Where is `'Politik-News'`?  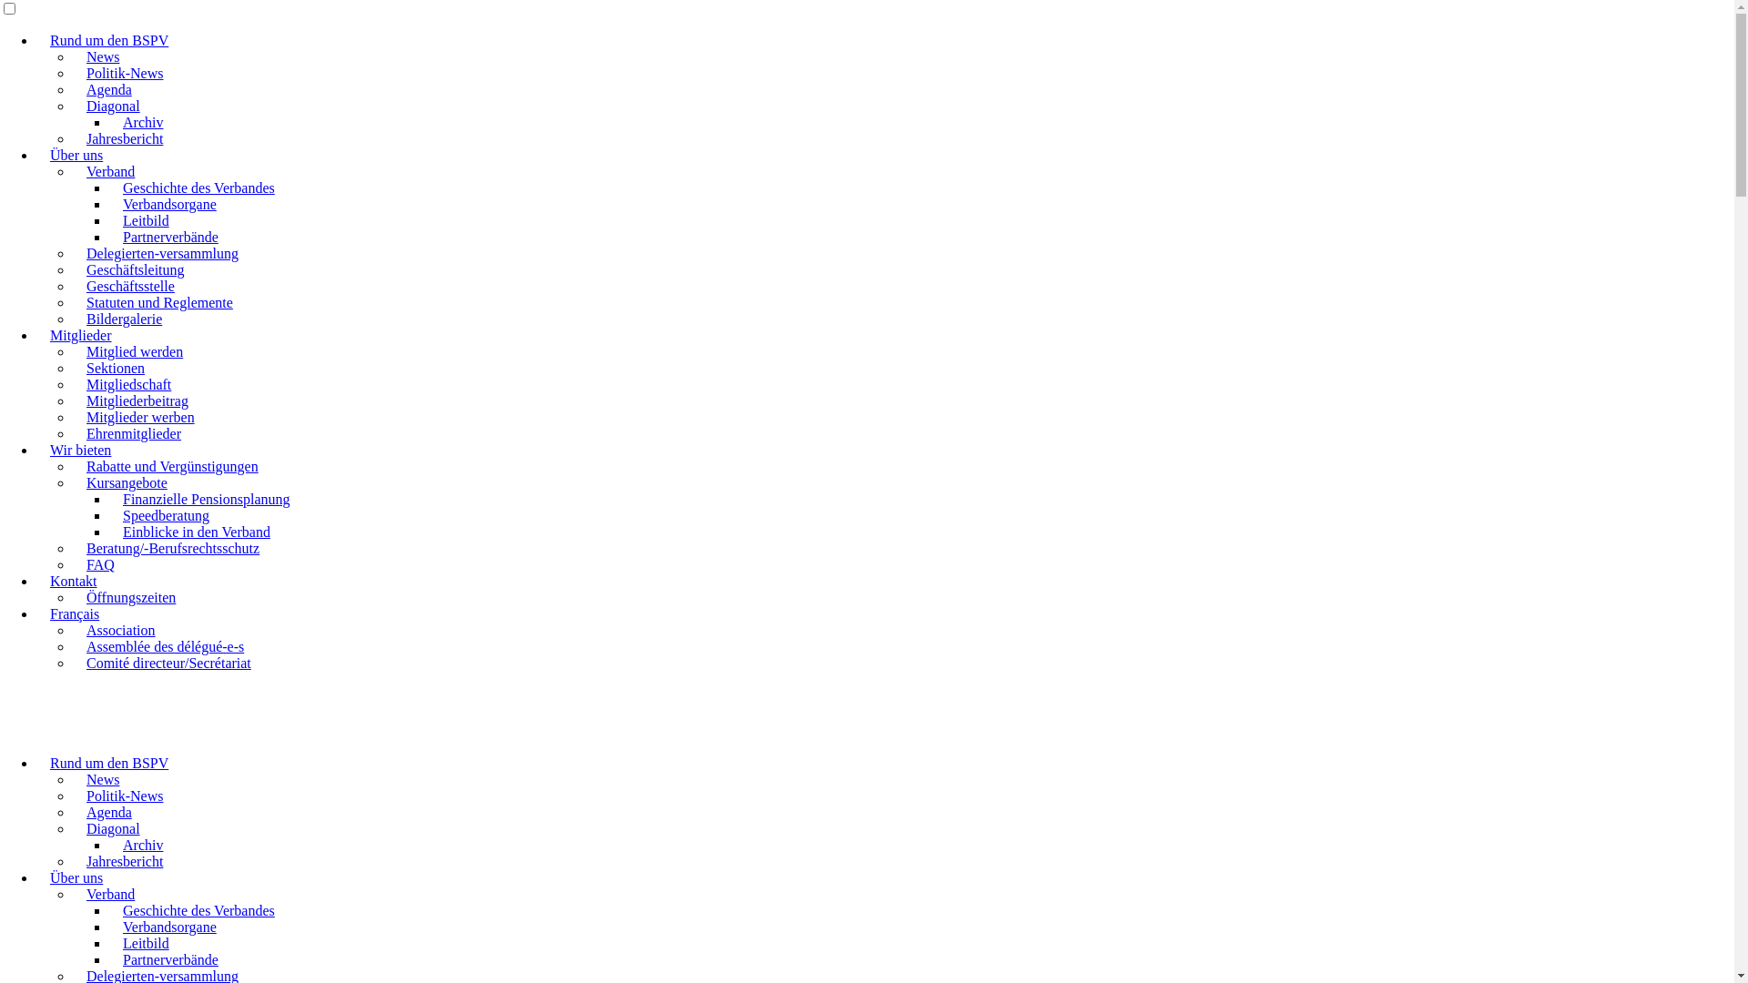
'Politik-News' is located at coordinates (124, 72).